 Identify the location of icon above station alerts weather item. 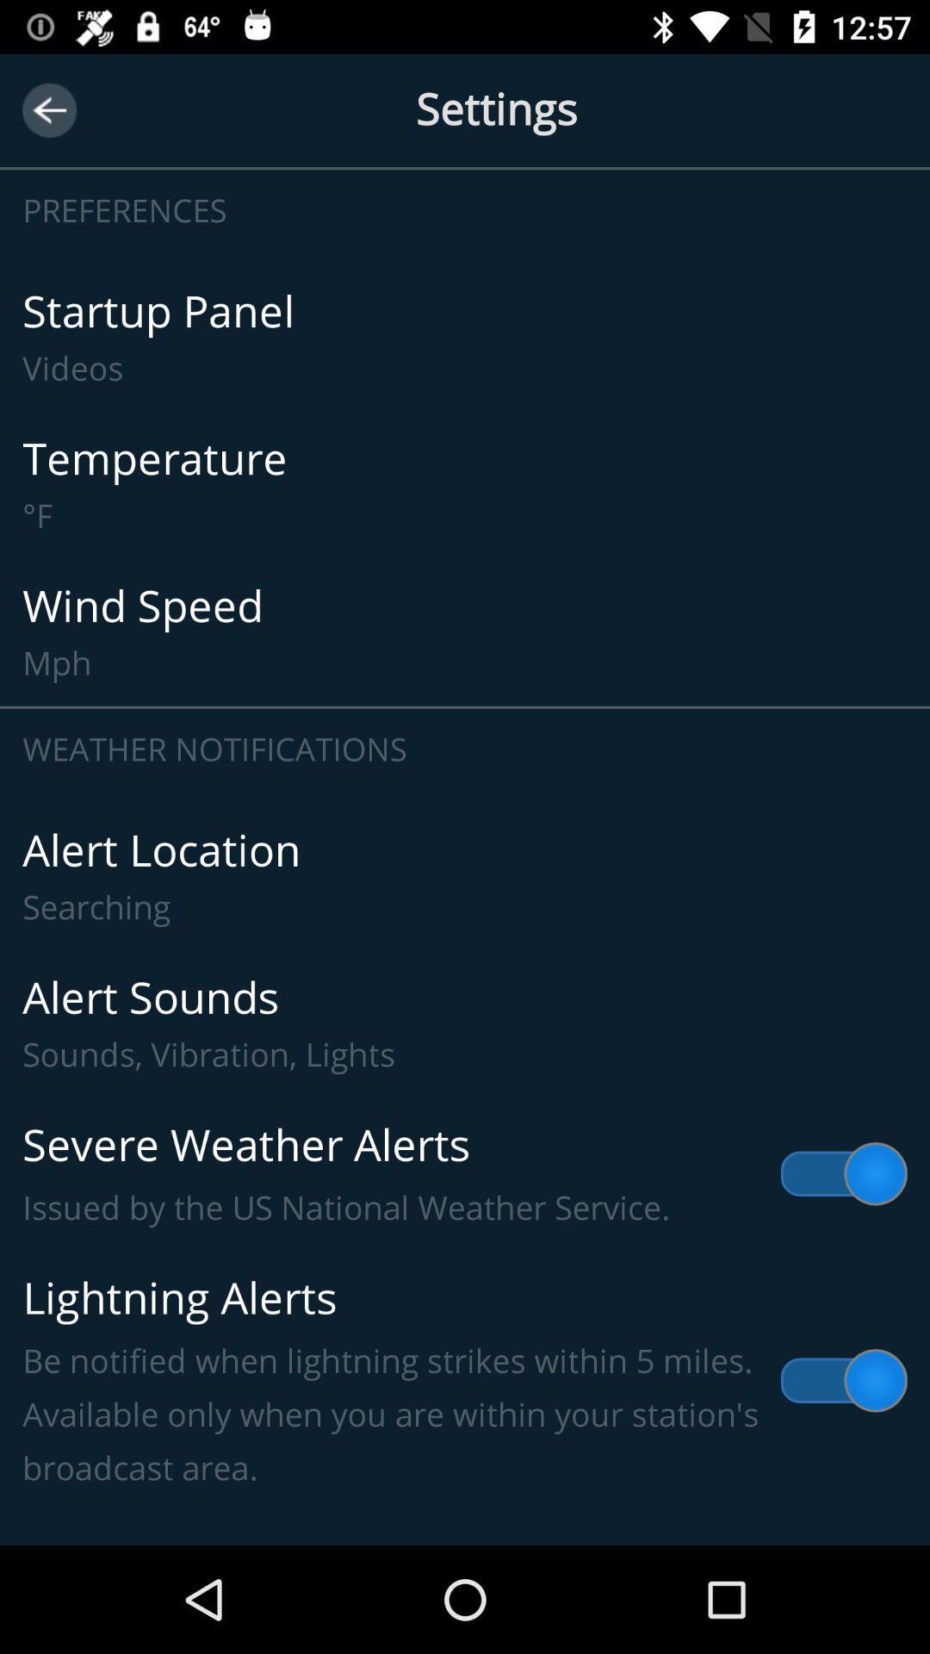
(465, 1381).